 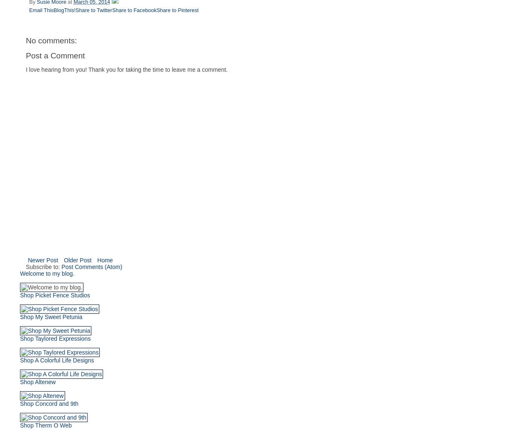 What do you see at coordinates (126, 68) in the screenshot?
I see `'I love hearing from you!  Thank you for taking the time to leave me a comment.'` at bounding box center [126, 68].